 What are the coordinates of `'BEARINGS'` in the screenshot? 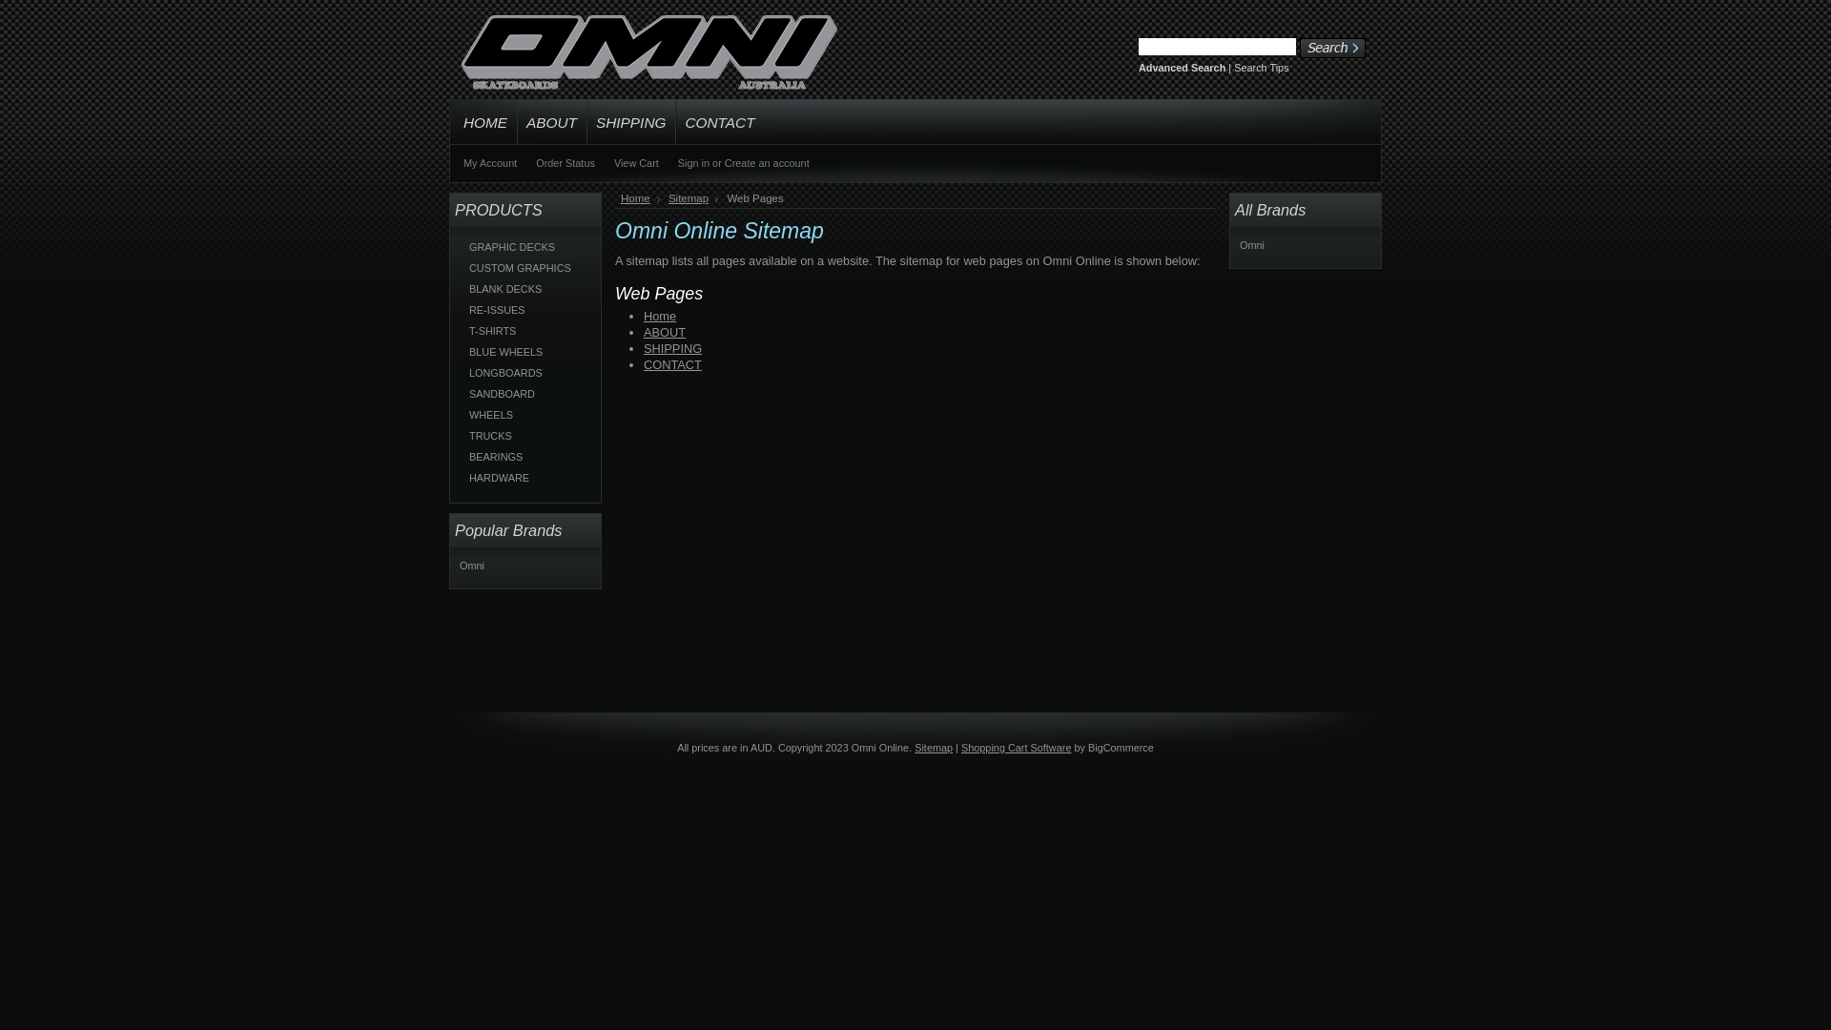 It's located at (526, 456).